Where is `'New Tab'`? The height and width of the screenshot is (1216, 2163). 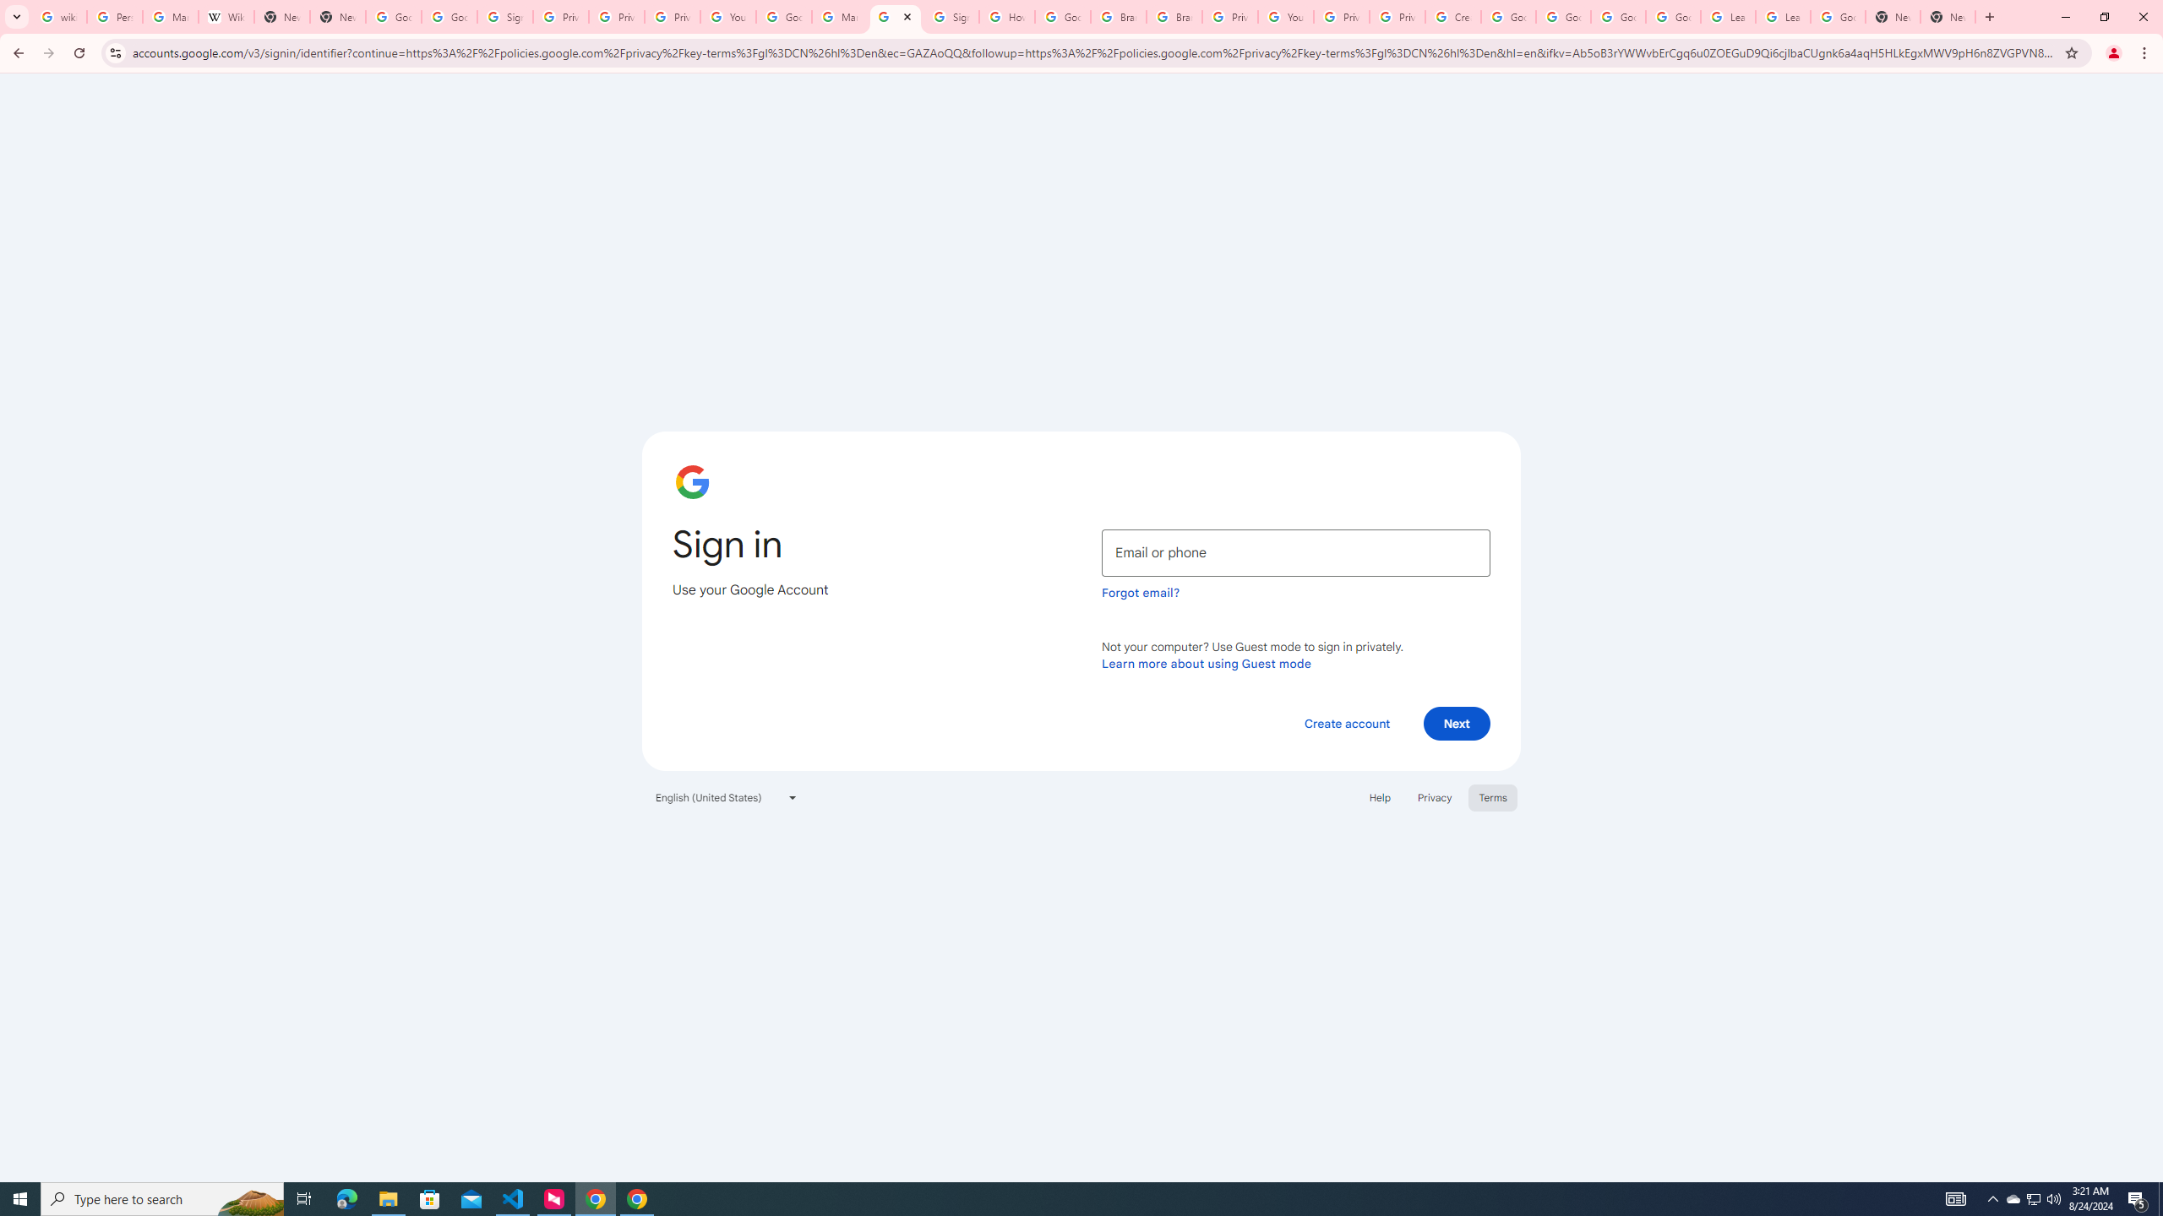 'New Tab' is located at coordinates (1892, 16).